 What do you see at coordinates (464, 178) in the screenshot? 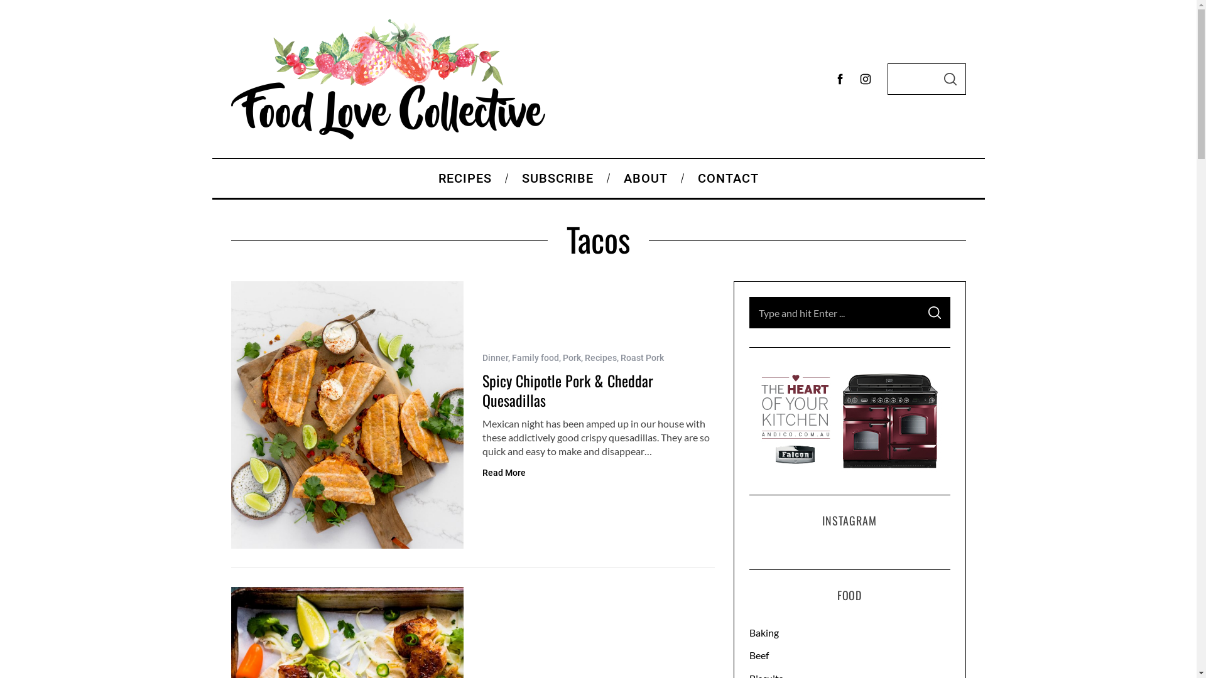
I see `'RECIPES'` at bounding box center [464, 178].